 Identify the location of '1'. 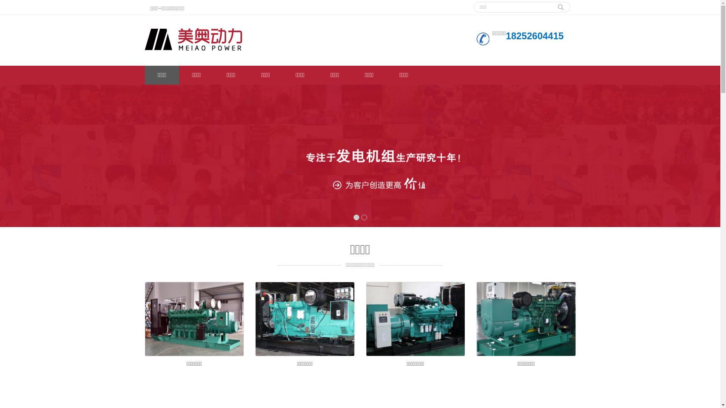
(353, 217).